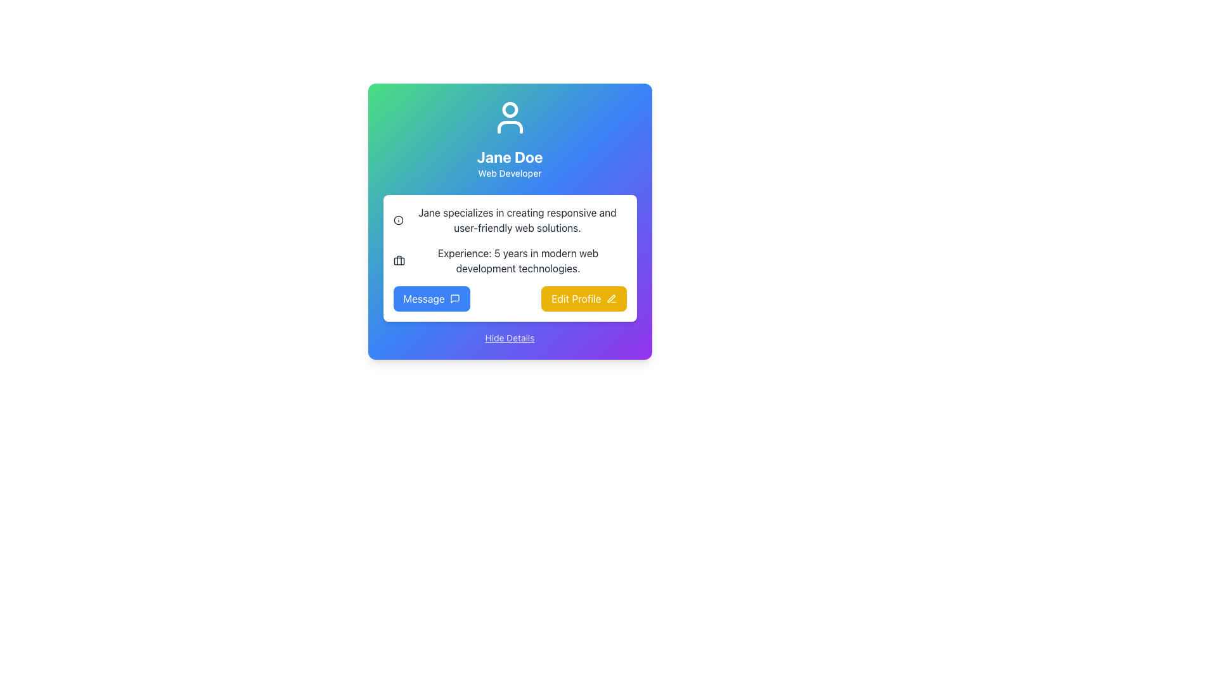 The image size is (1217, 684). I want to click on the circular information icon located to the left of the descriptive text block that starts with 'Jane specializes in creating...', so click(397, 219).